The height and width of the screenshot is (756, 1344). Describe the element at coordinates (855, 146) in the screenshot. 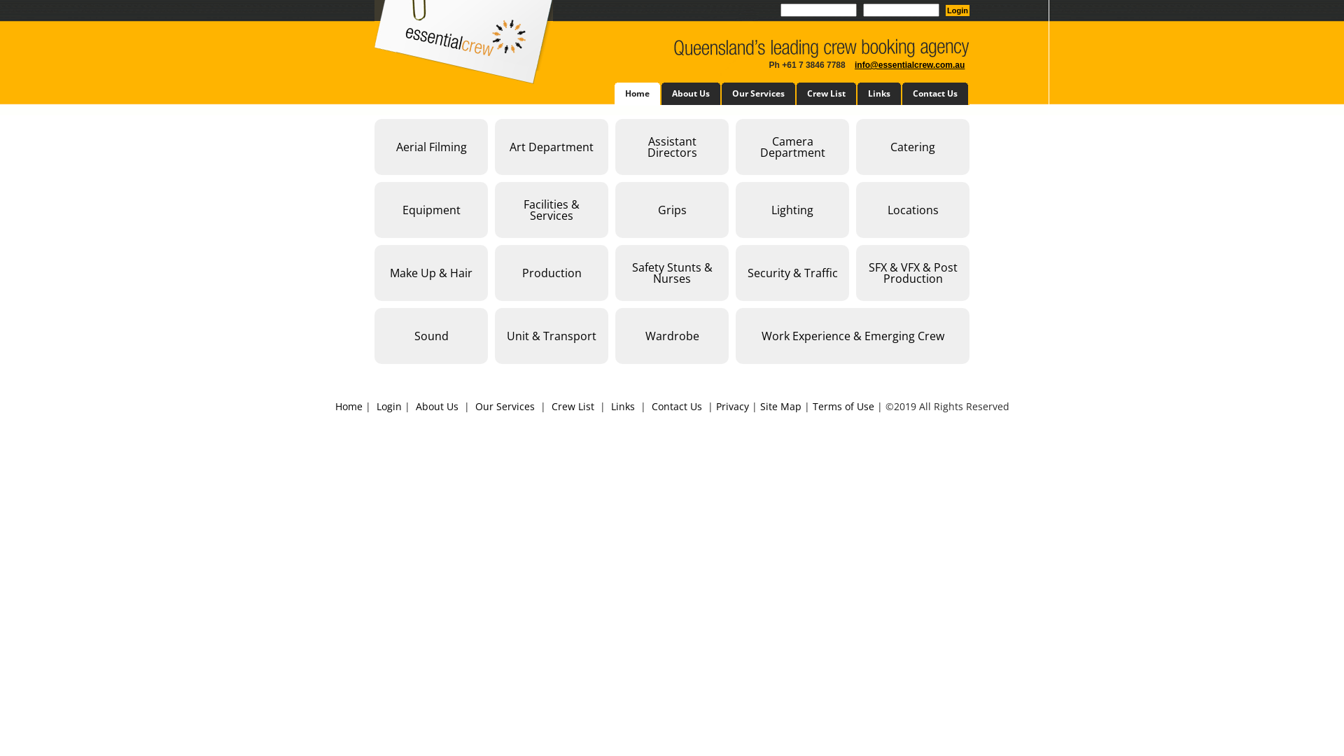

I see `'Catering'` at that location.